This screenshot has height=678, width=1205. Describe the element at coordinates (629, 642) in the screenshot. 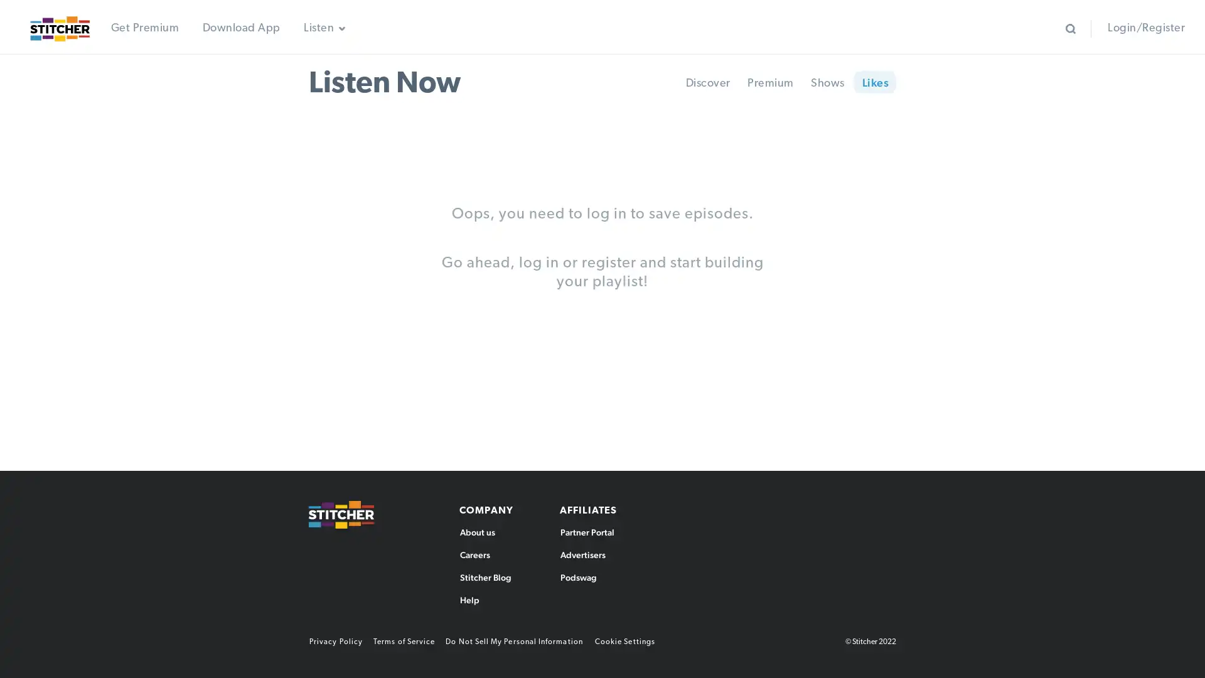

I see `Cookie Settings` at that location.